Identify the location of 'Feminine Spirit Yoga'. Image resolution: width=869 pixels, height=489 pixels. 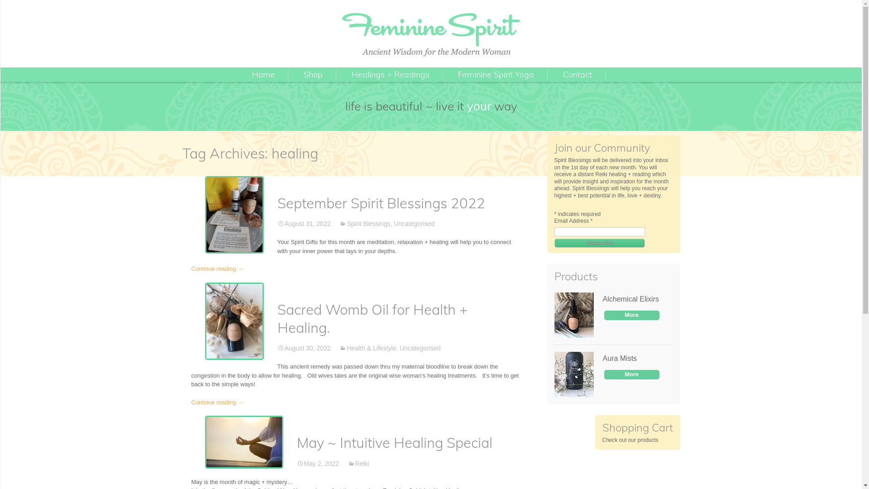
(495, 74).